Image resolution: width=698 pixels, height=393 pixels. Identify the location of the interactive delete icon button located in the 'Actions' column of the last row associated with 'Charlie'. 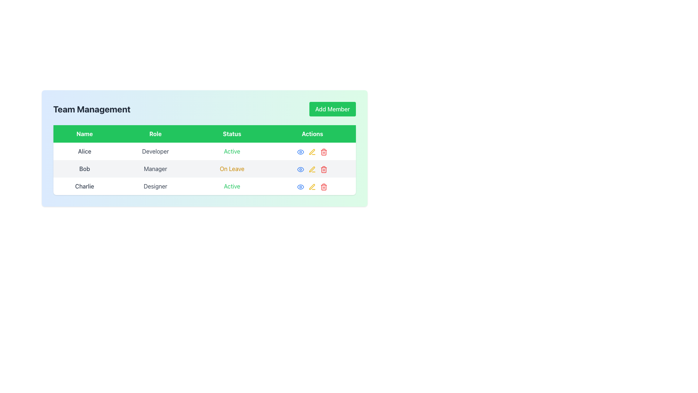
(324, 186).